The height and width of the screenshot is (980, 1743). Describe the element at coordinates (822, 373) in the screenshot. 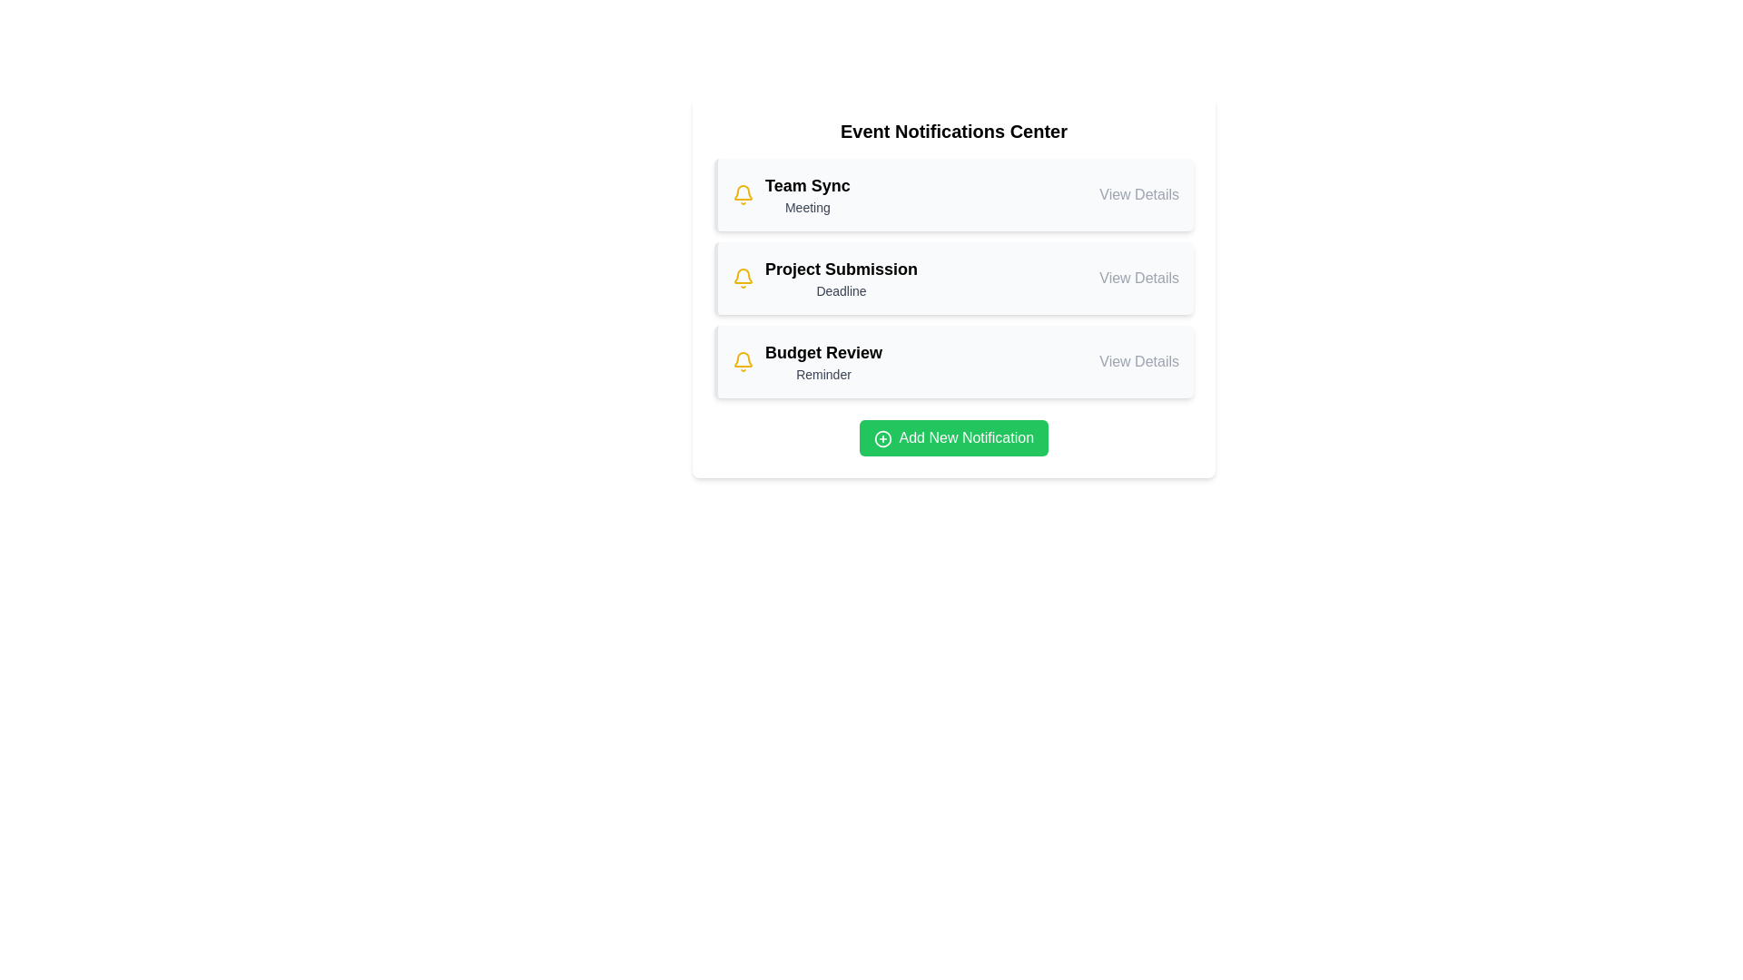

I see `the text label 'Reminder' which is styled in a small gray font and located below 'Budget Review' in the notifications list` at that location.